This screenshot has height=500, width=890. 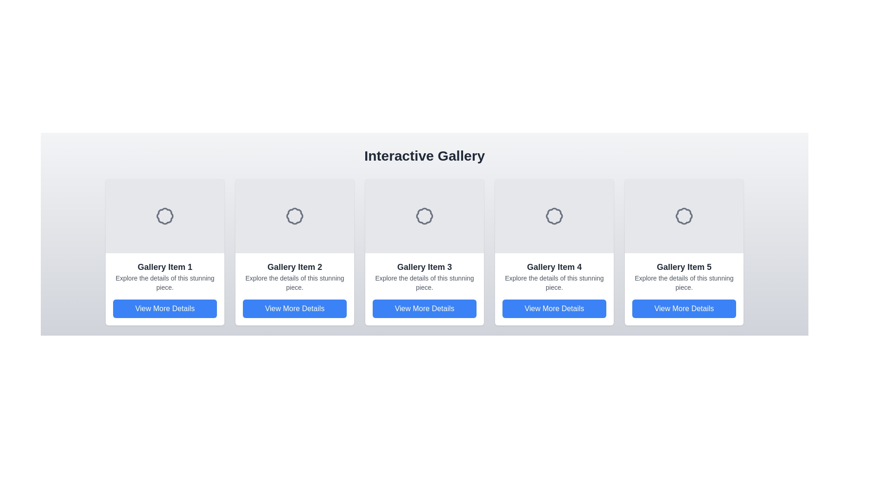 What do you see at coordinates (165, 288) in the screenshot?
I see `heading 'Gallery Item 1' and the description 'Explore the details of this stunning piece.' from the first card in the gallery row` at bounding box center [165, 288].